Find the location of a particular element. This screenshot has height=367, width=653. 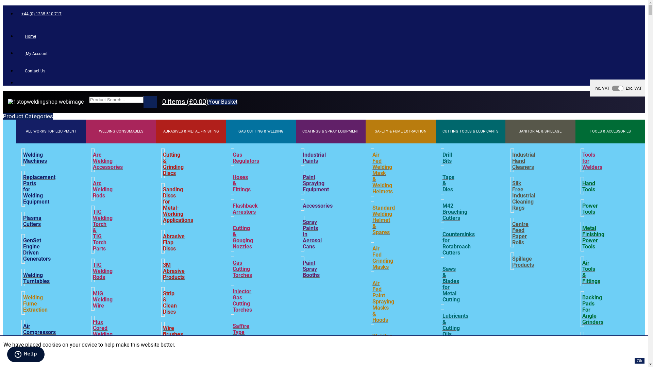

'Plasma Cutters' is located at coordinates (32, 221).